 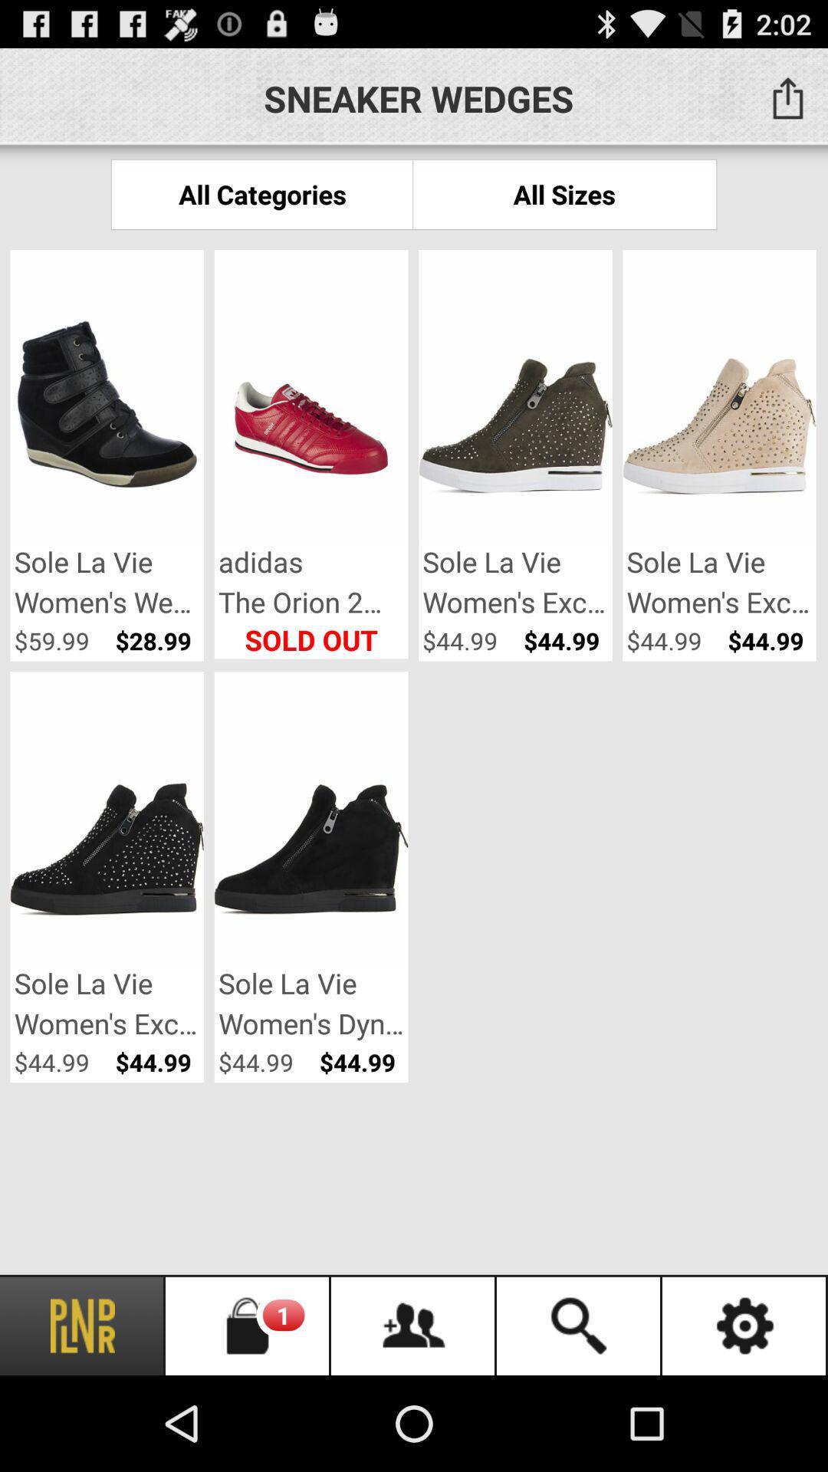 I want to click on all categories item, so click(x=261, y=193).